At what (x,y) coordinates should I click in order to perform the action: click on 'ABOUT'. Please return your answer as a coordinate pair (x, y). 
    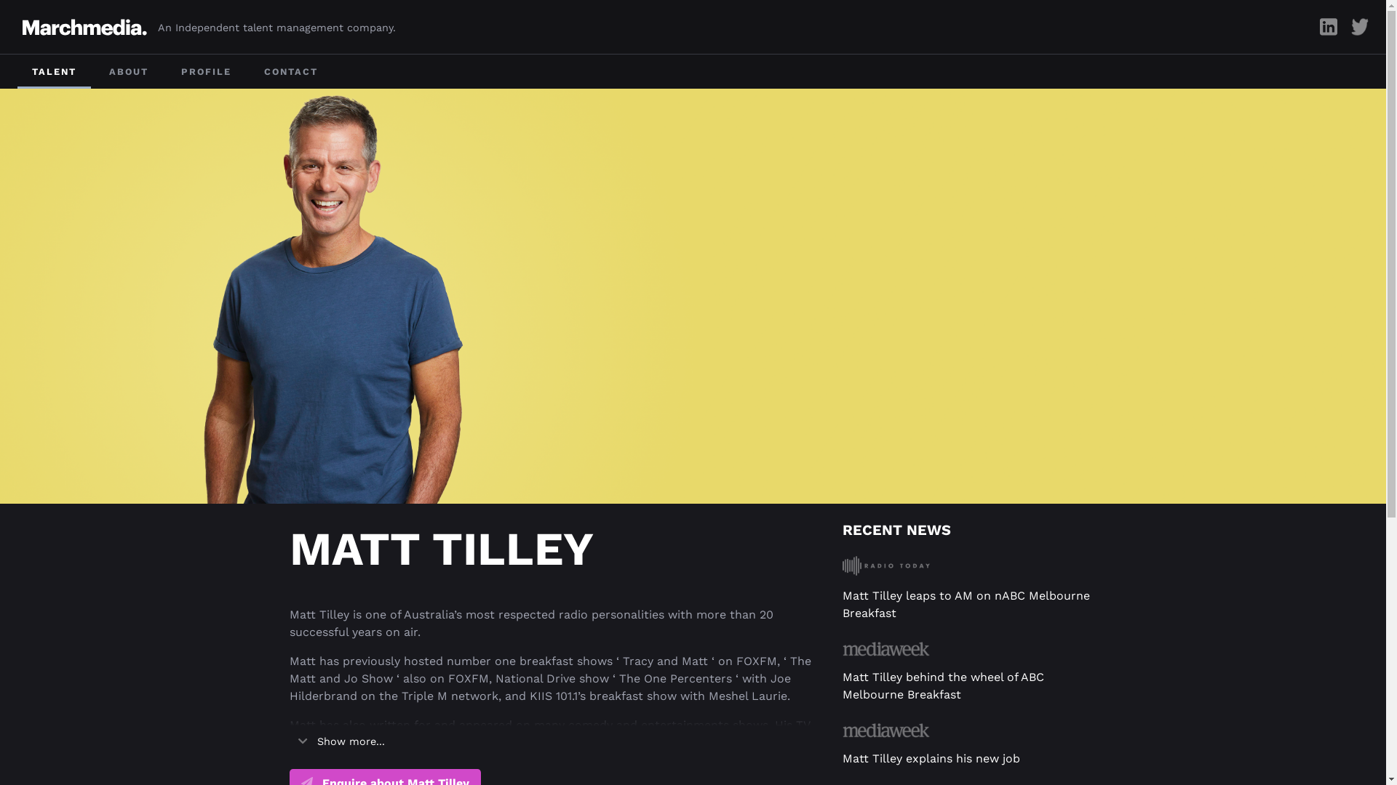
    Looking at the image, I should click on (129, 71).